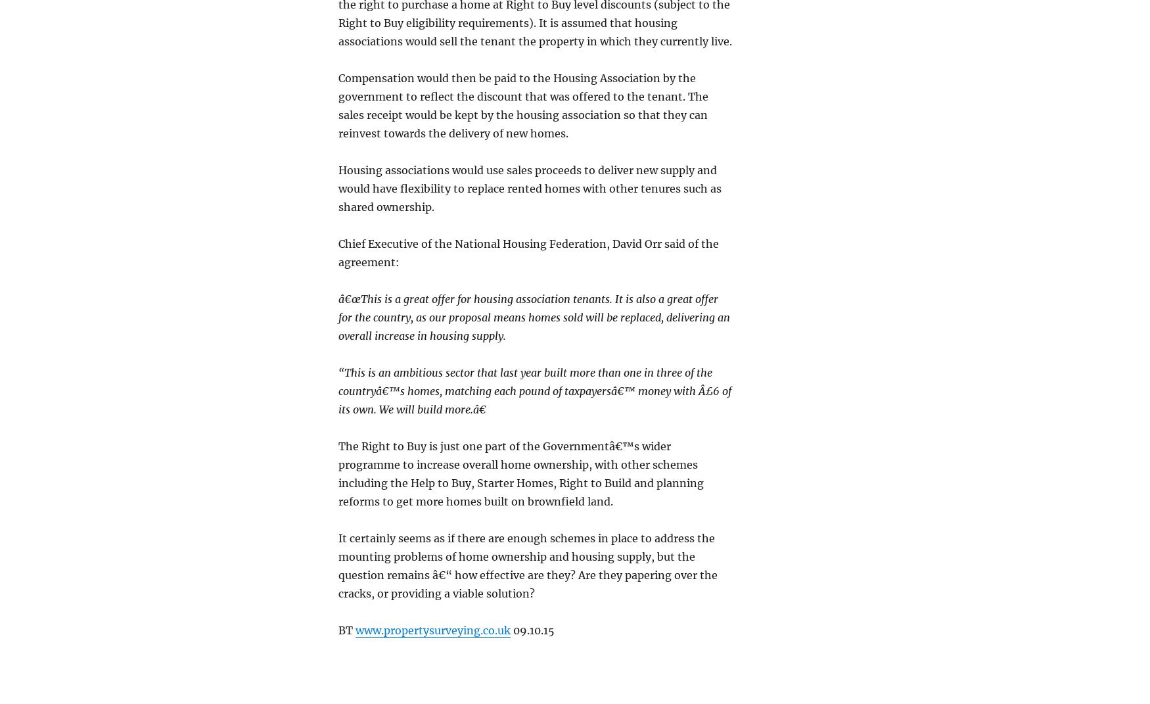 The image size is (1150, 704). I want to click on 'Housing associations would use sales proceeds to deliver new supply and would have flexibility to replace rented homes with other tenures such as shared ownership.', so click(338, 187).